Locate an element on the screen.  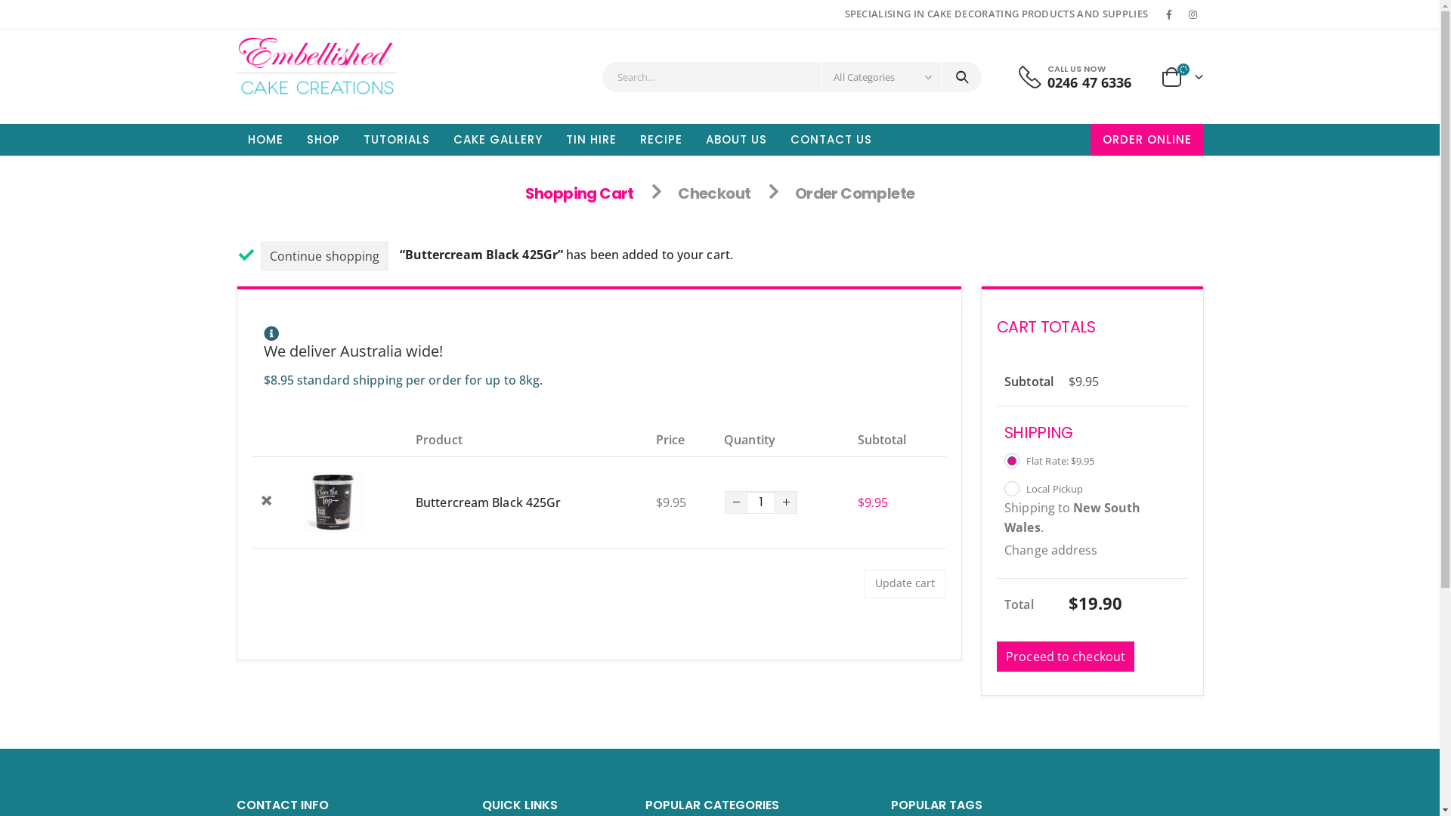
'Proceed to checkout' is located at coordinates (1065, 655).